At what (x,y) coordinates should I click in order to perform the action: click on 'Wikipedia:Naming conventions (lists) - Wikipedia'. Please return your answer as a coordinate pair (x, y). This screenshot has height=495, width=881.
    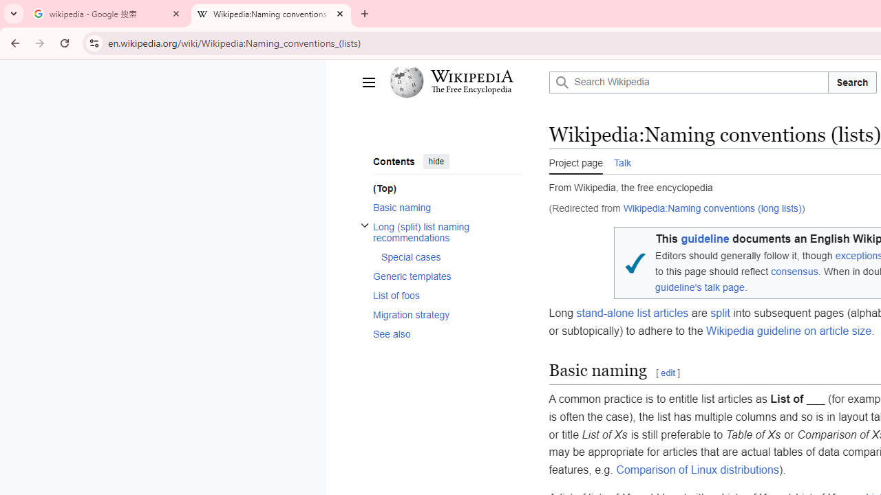
    Looking at the image, I should click on (271, 14).